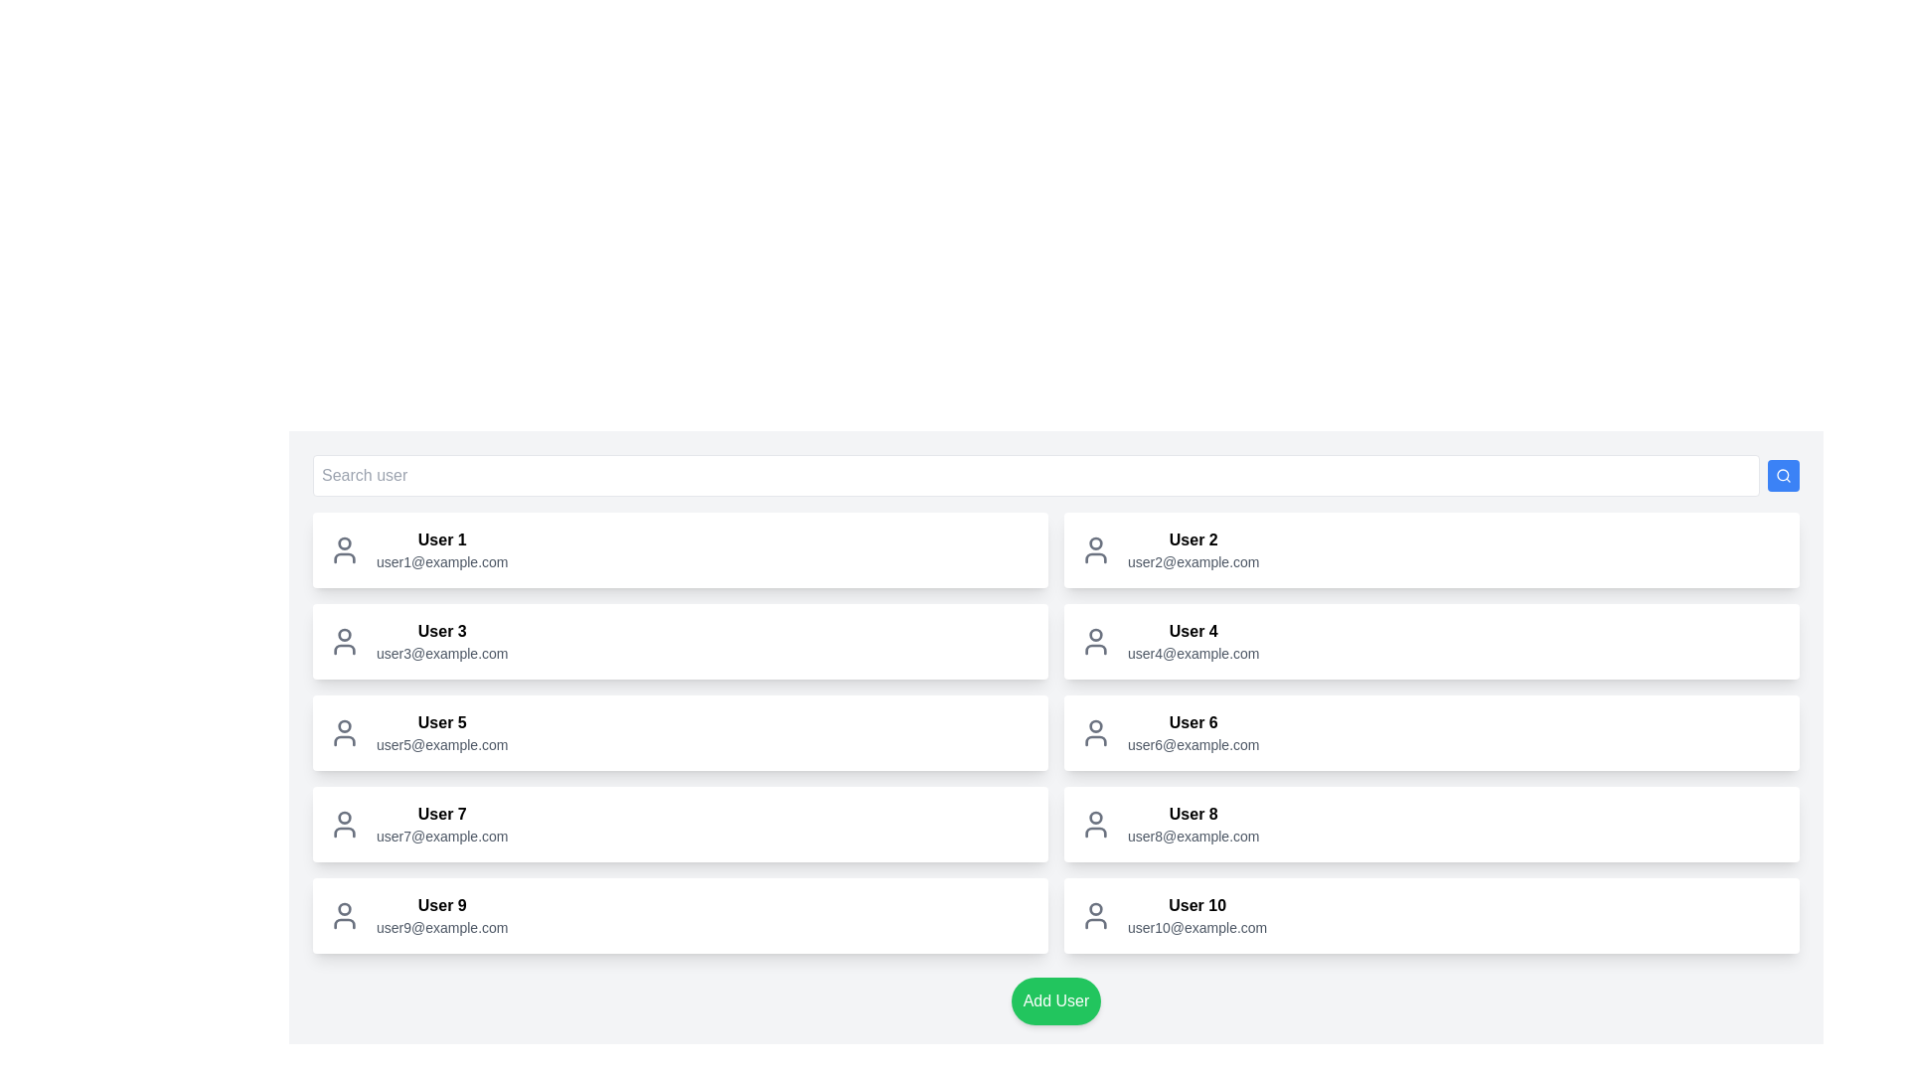 This screenshot has height=1073, width=1908. I want to click on the circular graphic representing the user profile icon for 'User 7', which is the fourth item in the left column of the user list, so click(344, 817).